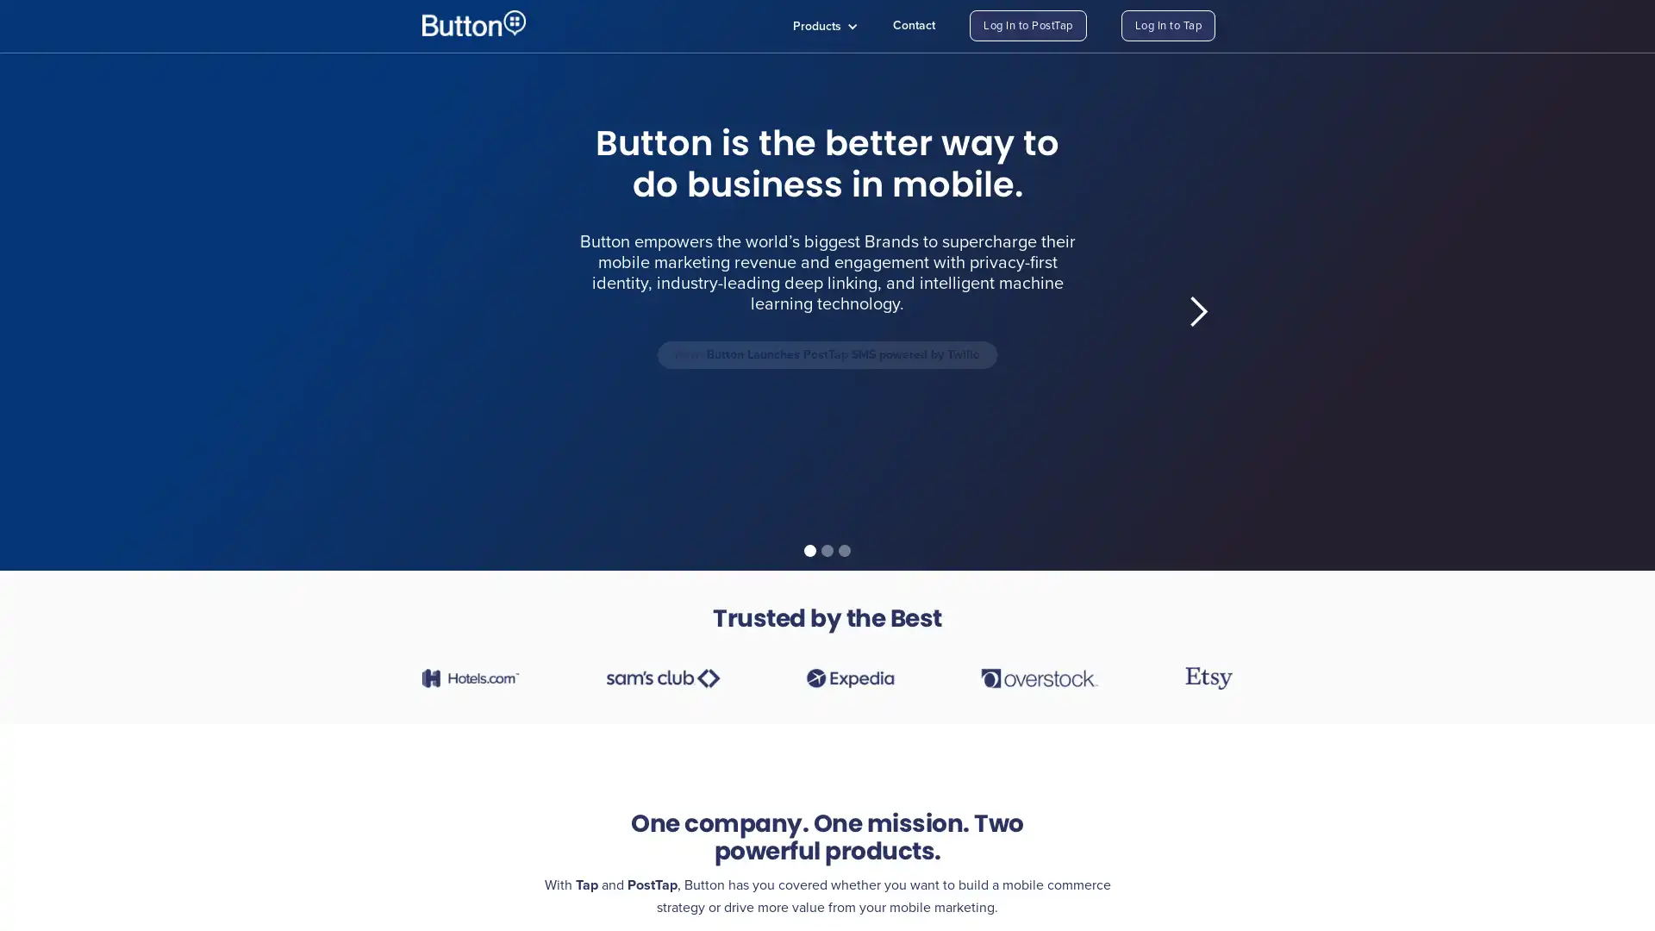 The height and width of the screenshot is (931, 1655). I want to click on Show slide 3 of 3, so click(844, 551).